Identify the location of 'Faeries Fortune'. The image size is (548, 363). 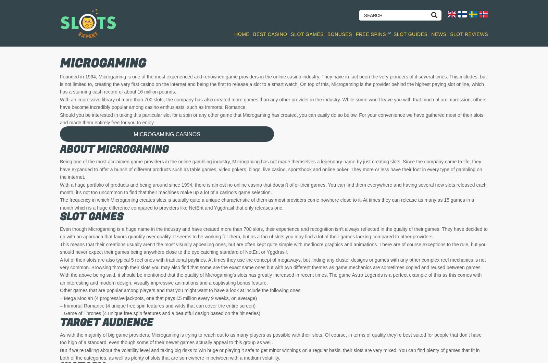
(452, 134).